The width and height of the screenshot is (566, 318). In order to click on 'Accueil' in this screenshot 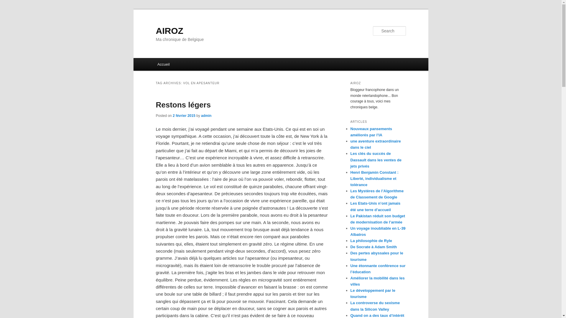, I will do `click(163, 64)`.